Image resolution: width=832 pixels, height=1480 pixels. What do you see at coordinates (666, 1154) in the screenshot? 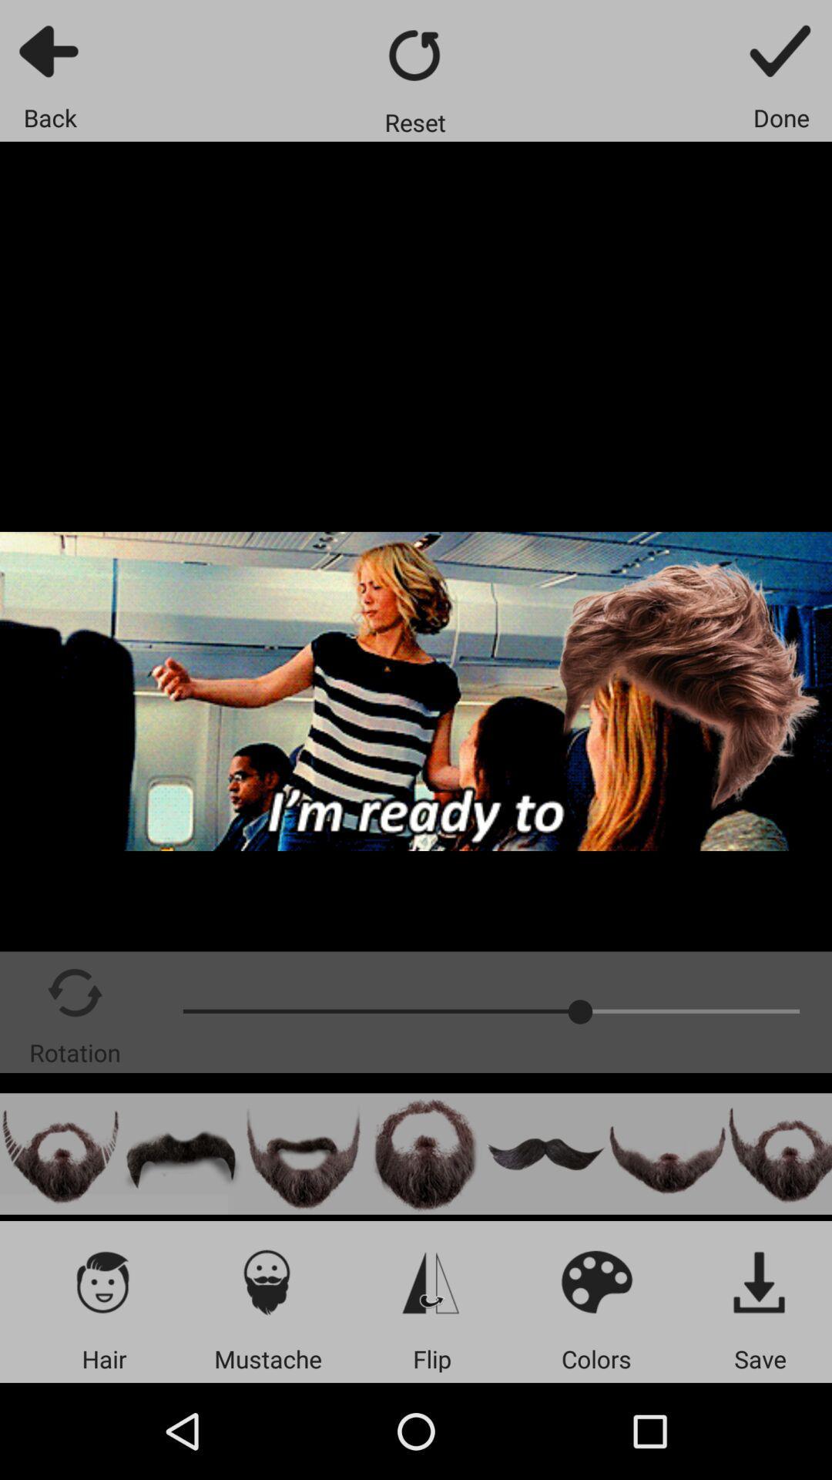
I see `beard without mustache` at bounding box center [666, 1154].